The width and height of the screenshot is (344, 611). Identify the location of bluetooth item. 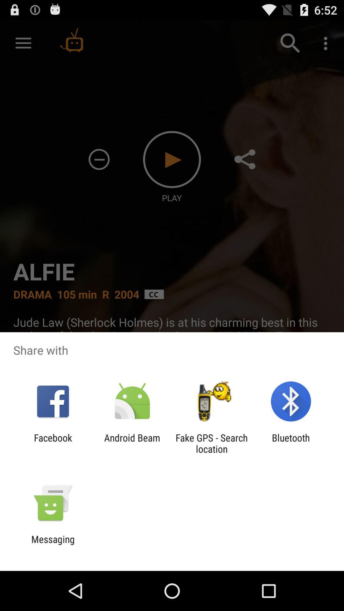
(291, 443).